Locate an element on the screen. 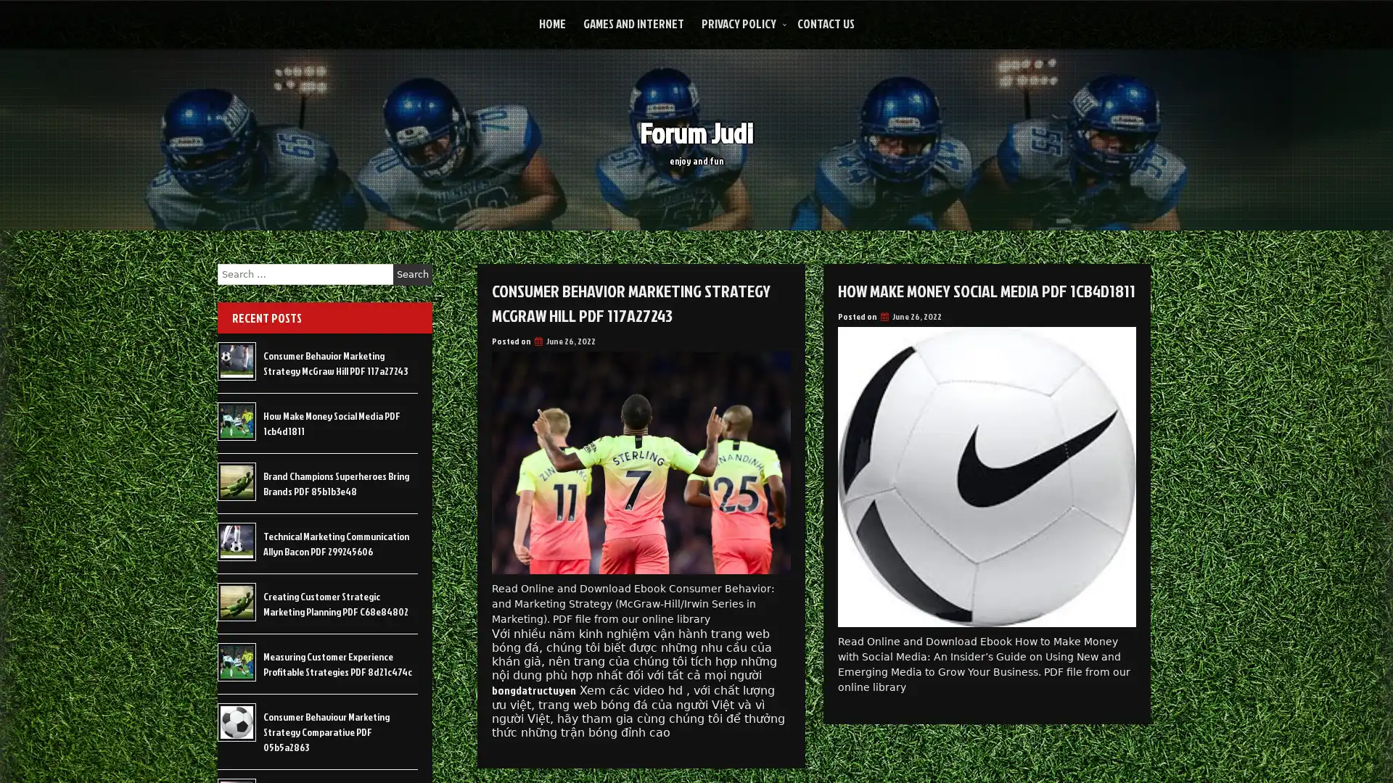  Search is located at coordinates (412, 274).